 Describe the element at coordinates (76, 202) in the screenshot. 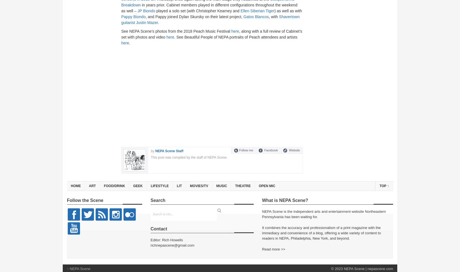

I see `'Videos'` at that location.